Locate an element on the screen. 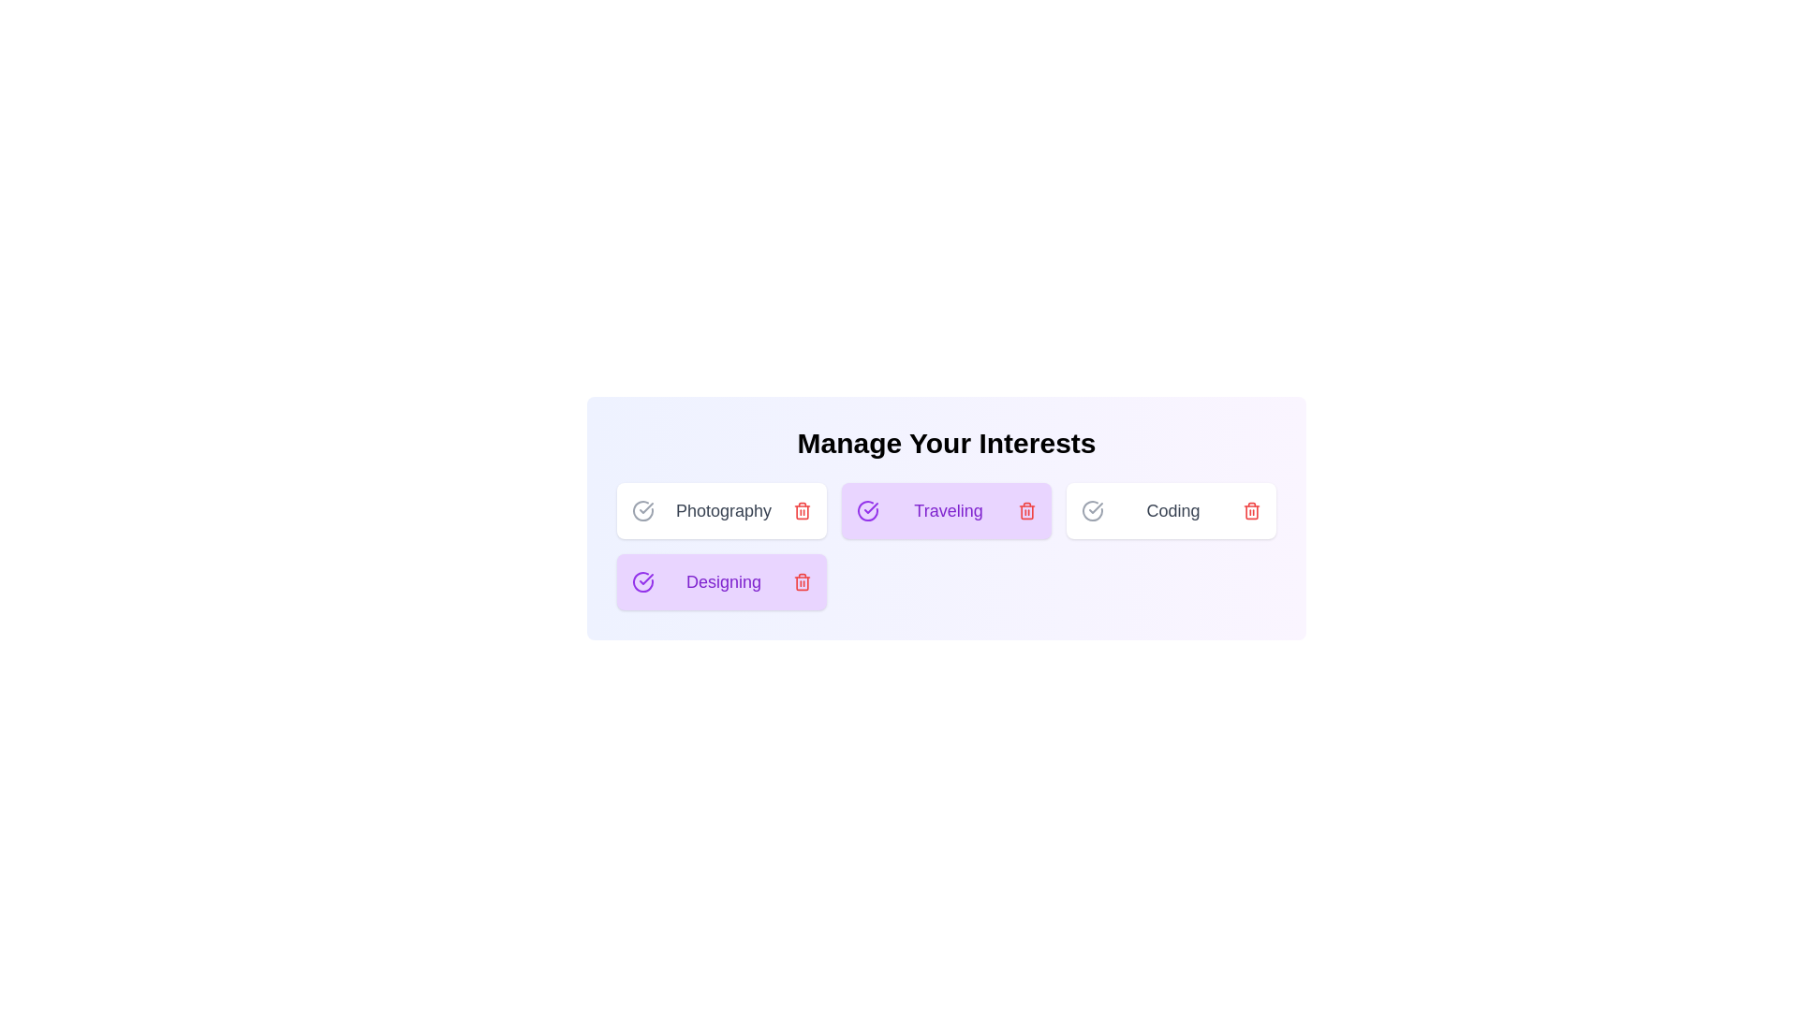 Image resolution: width=1798 pixels, height=1011 pixels. the chip labeled Coding is located at coordinates (1171, 511).